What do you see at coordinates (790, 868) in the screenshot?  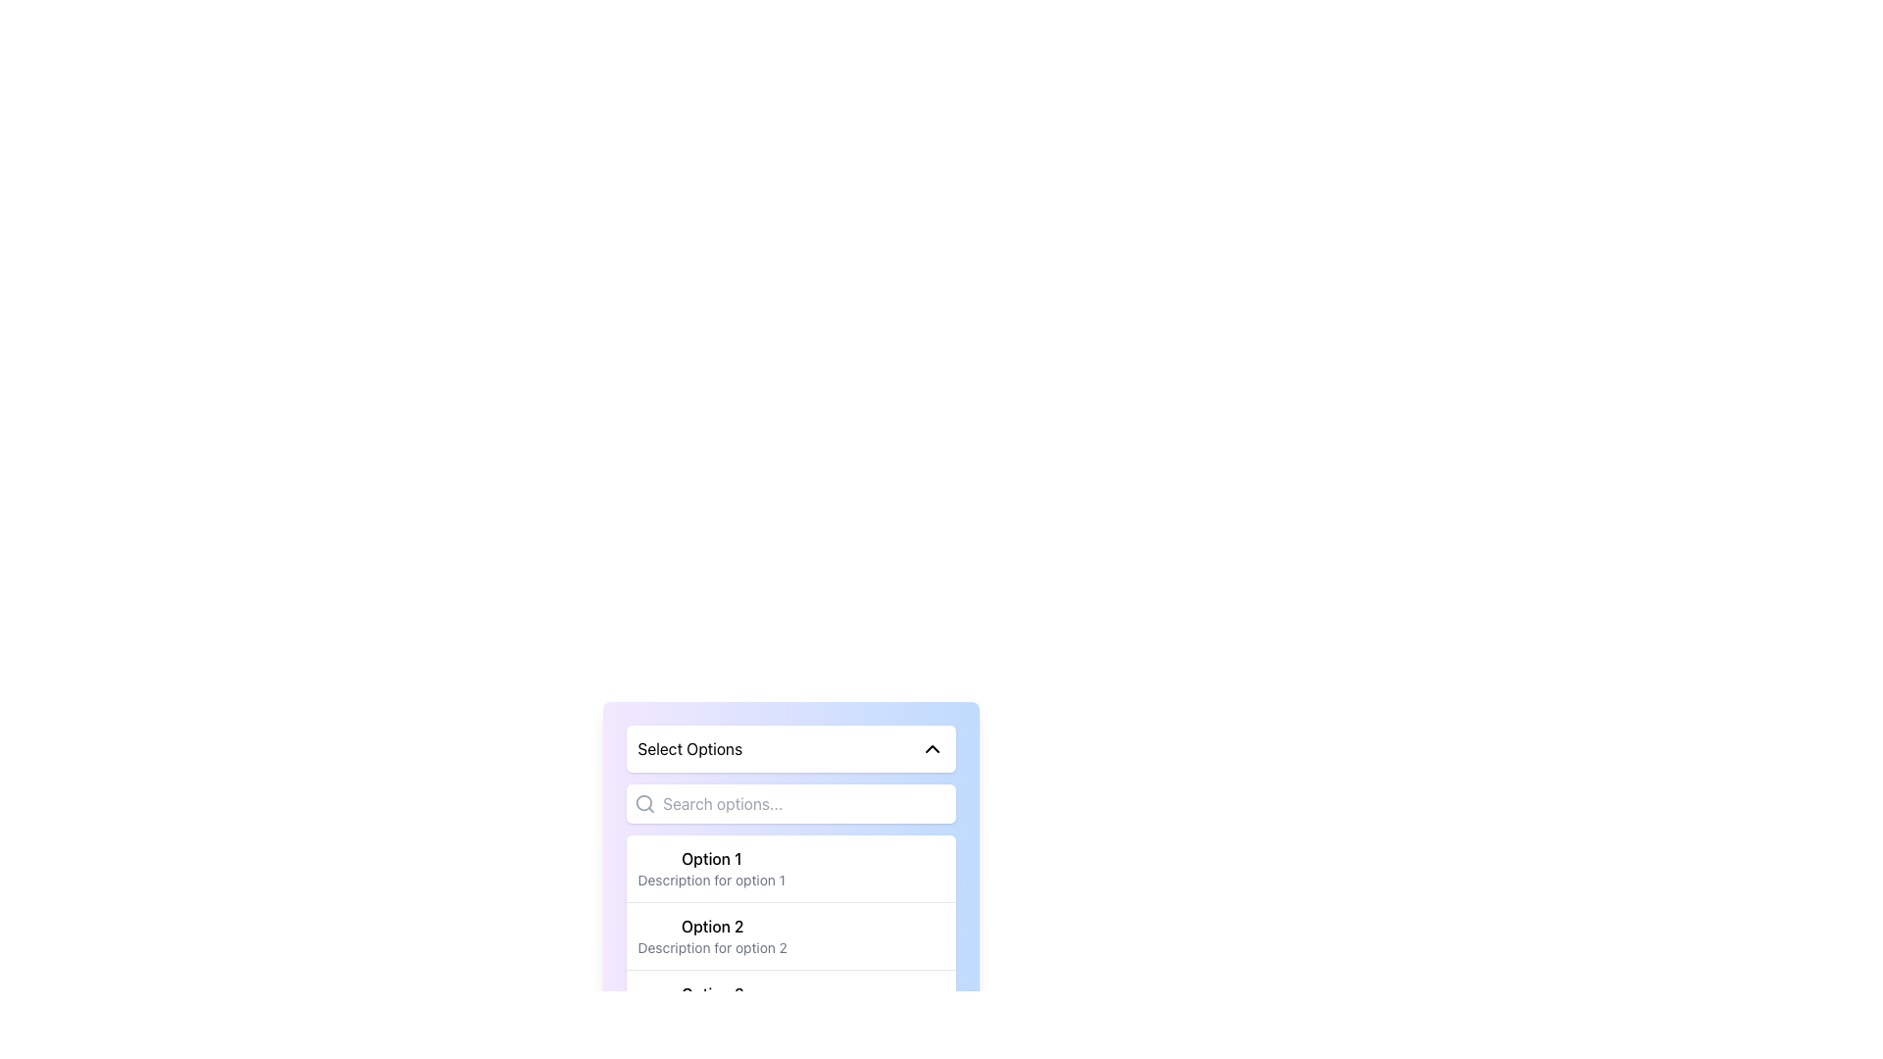 I see `the first option in the dropdown menu` at bounding box center [790, 868].